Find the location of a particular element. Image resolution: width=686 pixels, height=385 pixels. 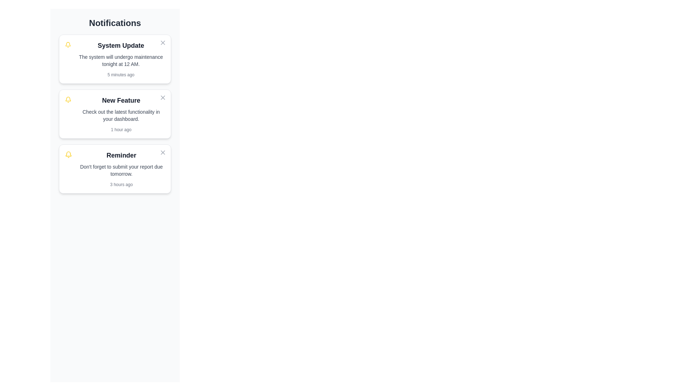

the notification icon indicating the 'System Update' alert, which is positioned in the uppermost notification card to the left of the title is located at coordinates (68, 45).